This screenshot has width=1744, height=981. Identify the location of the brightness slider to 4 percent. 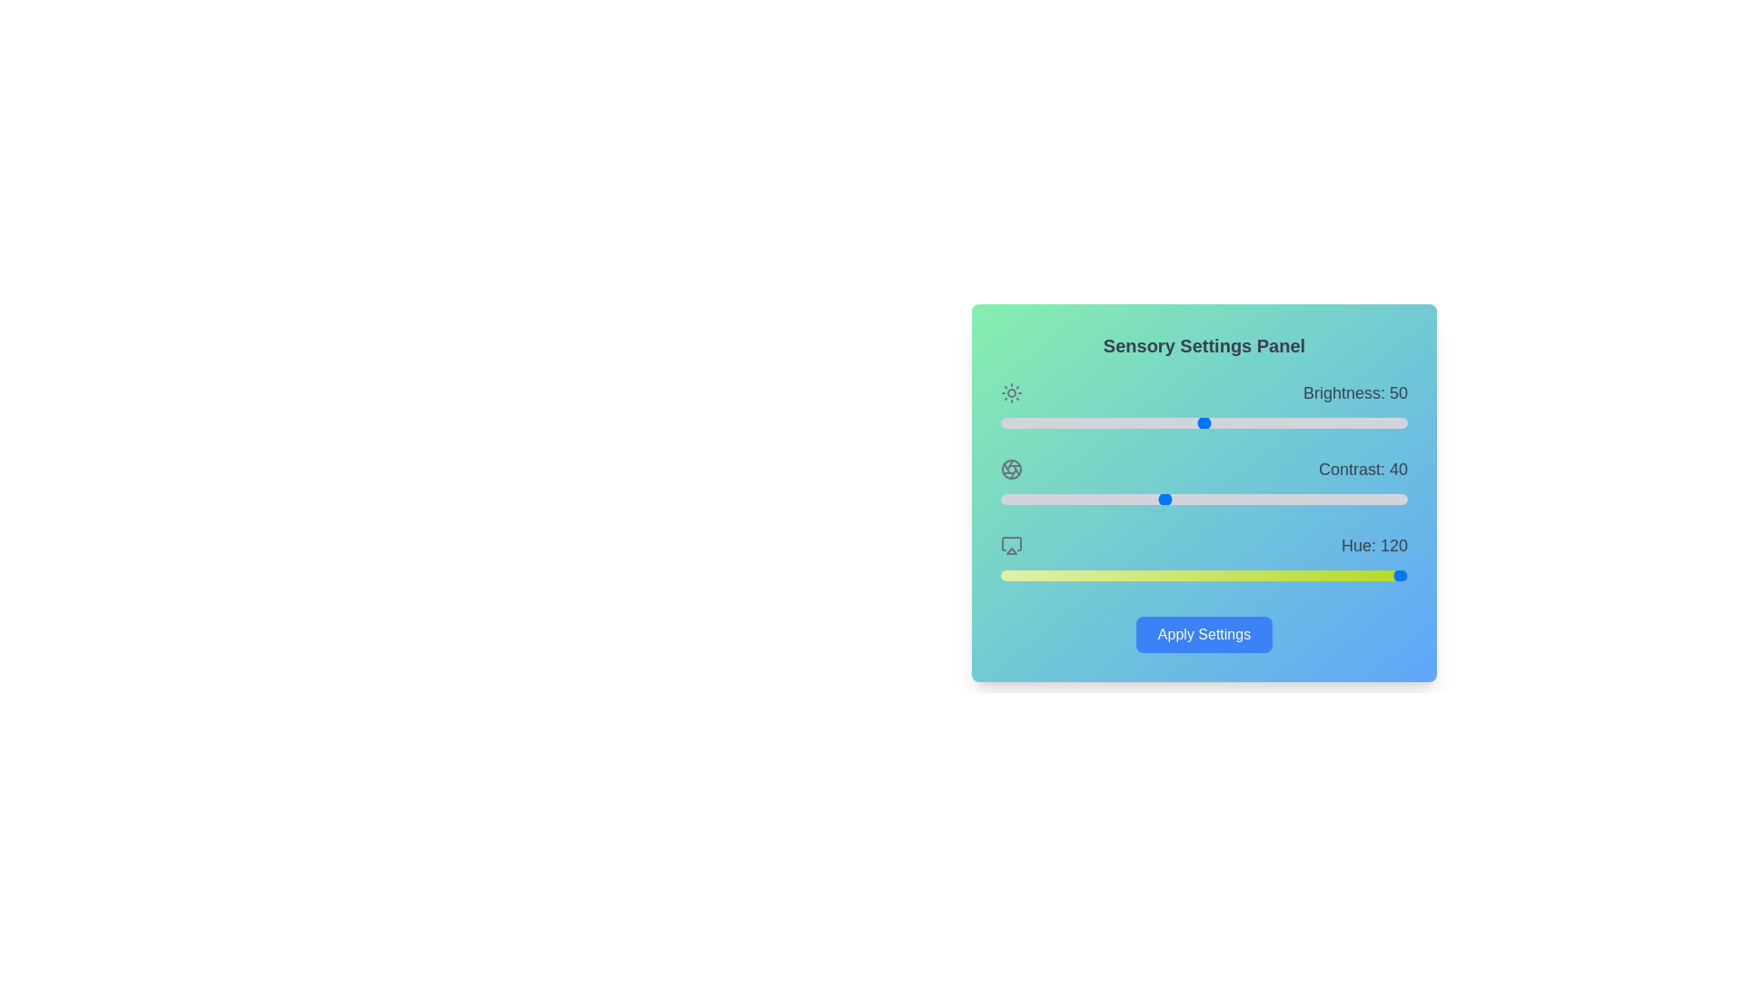
(1016, 423).